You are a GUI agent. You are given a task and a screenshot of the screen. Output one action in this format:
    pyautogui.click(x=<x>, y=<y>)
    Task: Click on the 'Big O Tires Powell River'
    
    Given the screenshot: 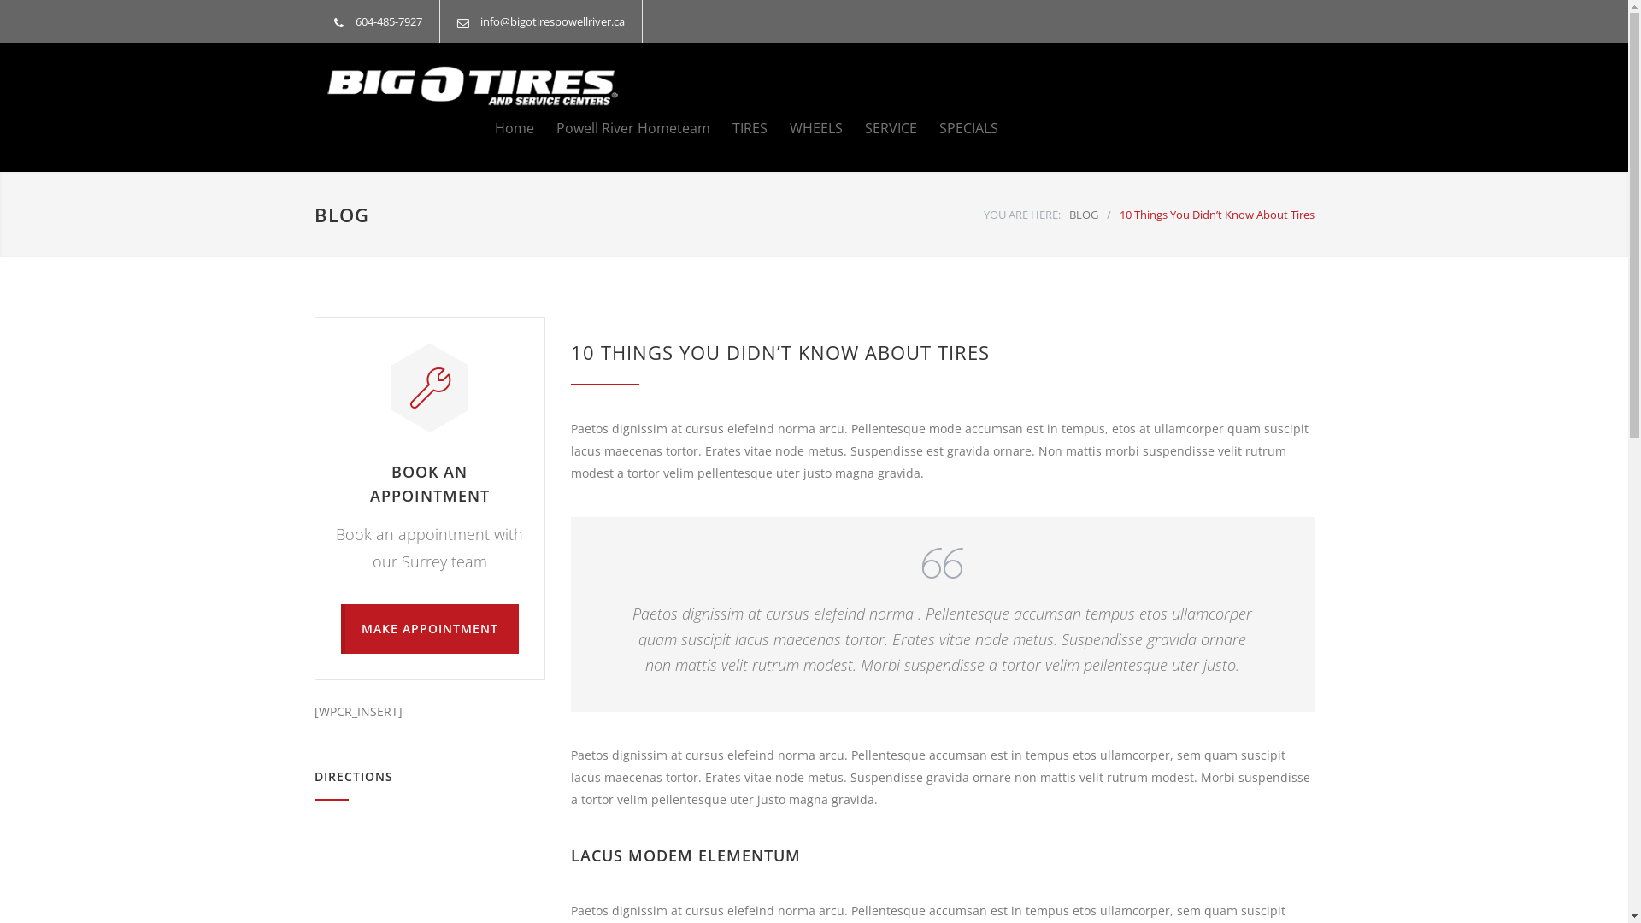 What is the action you would take?
    pyautogui.click(x=472, y=85)
    